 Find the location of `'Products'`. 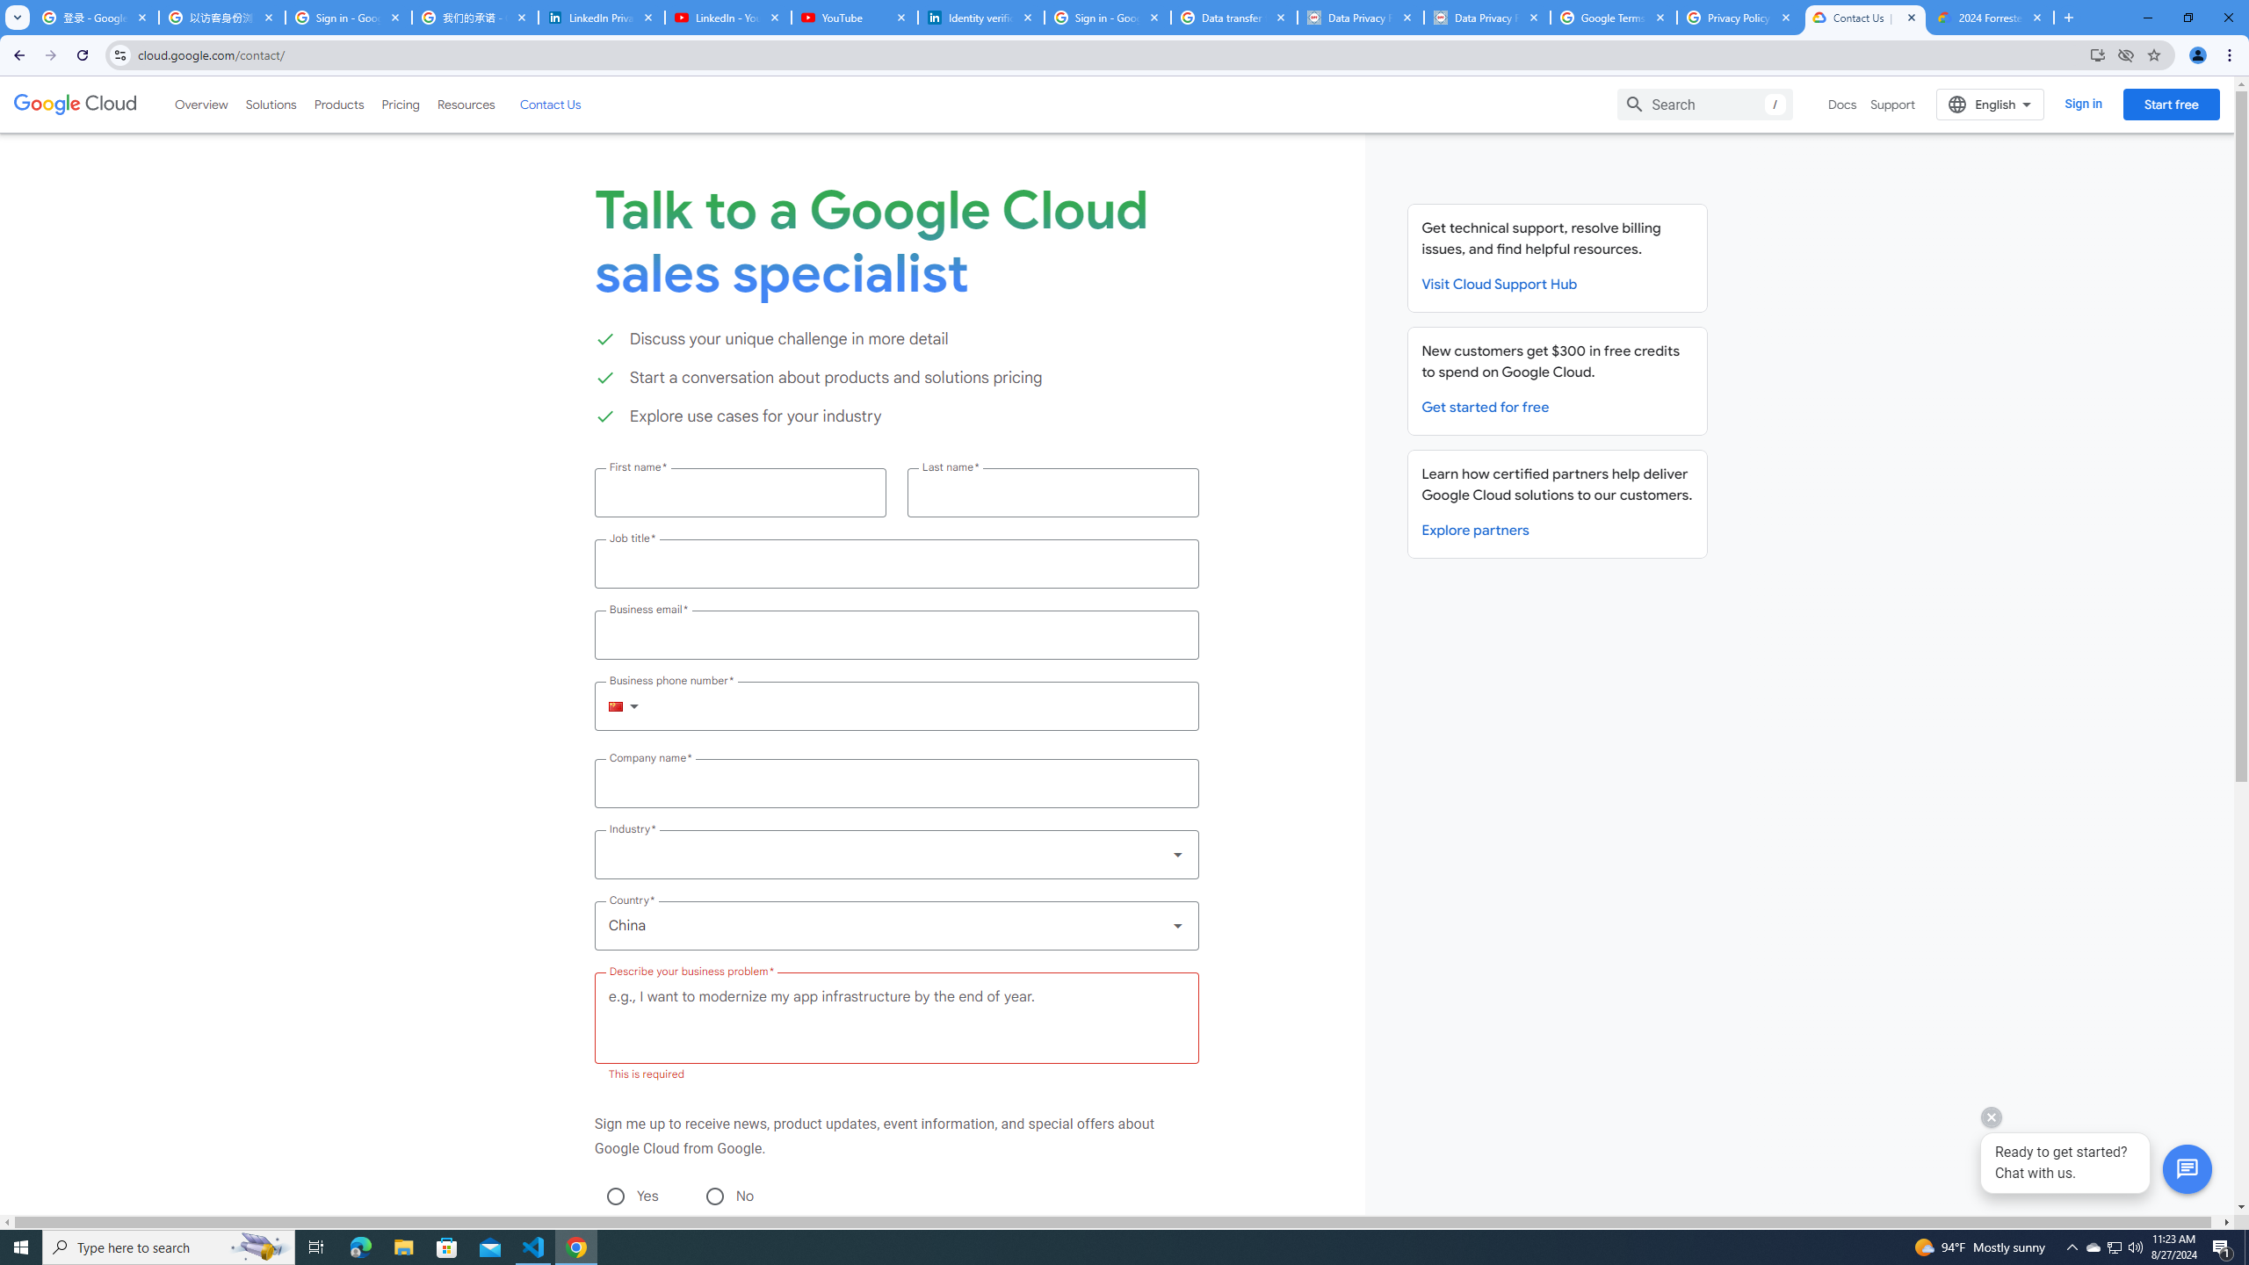

'Products' is located at coordinates (337, 104).